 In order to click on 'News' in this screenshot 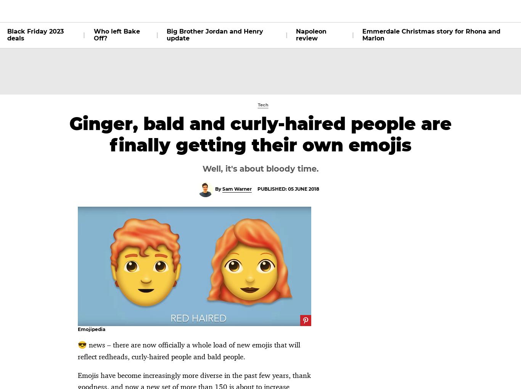, I will do `click(272, 10)`.